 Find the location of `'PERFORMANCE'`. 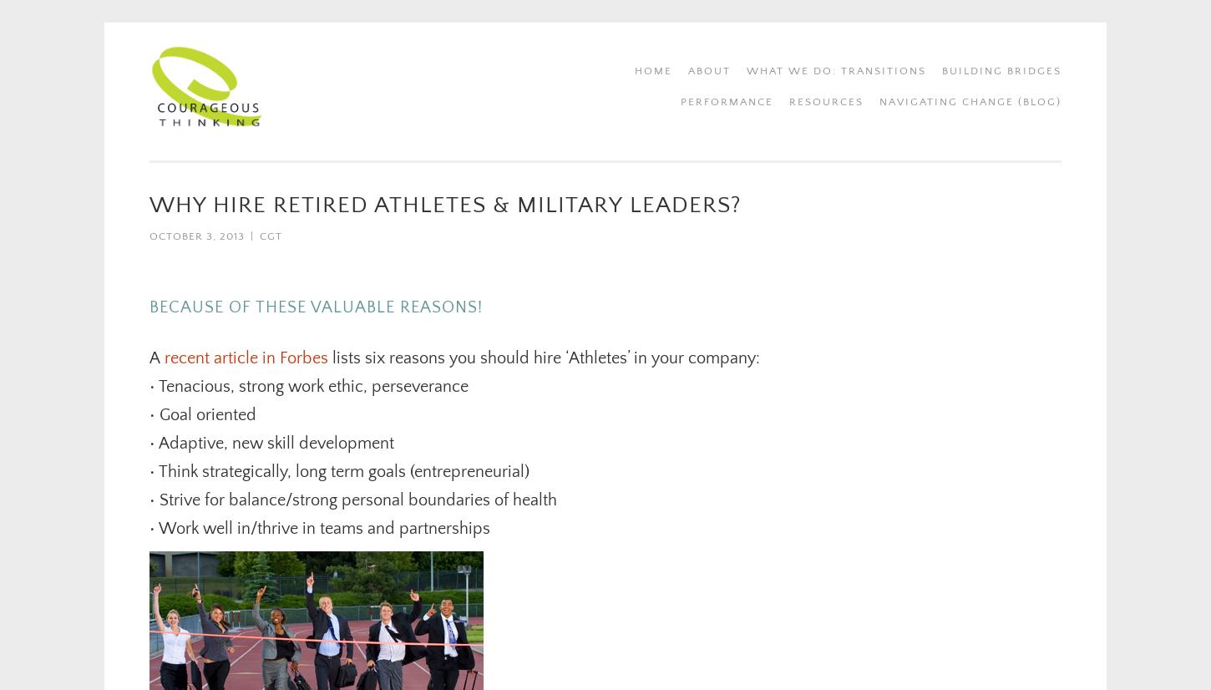

'PERFORMANCE' is located at coordinates (726, 102).